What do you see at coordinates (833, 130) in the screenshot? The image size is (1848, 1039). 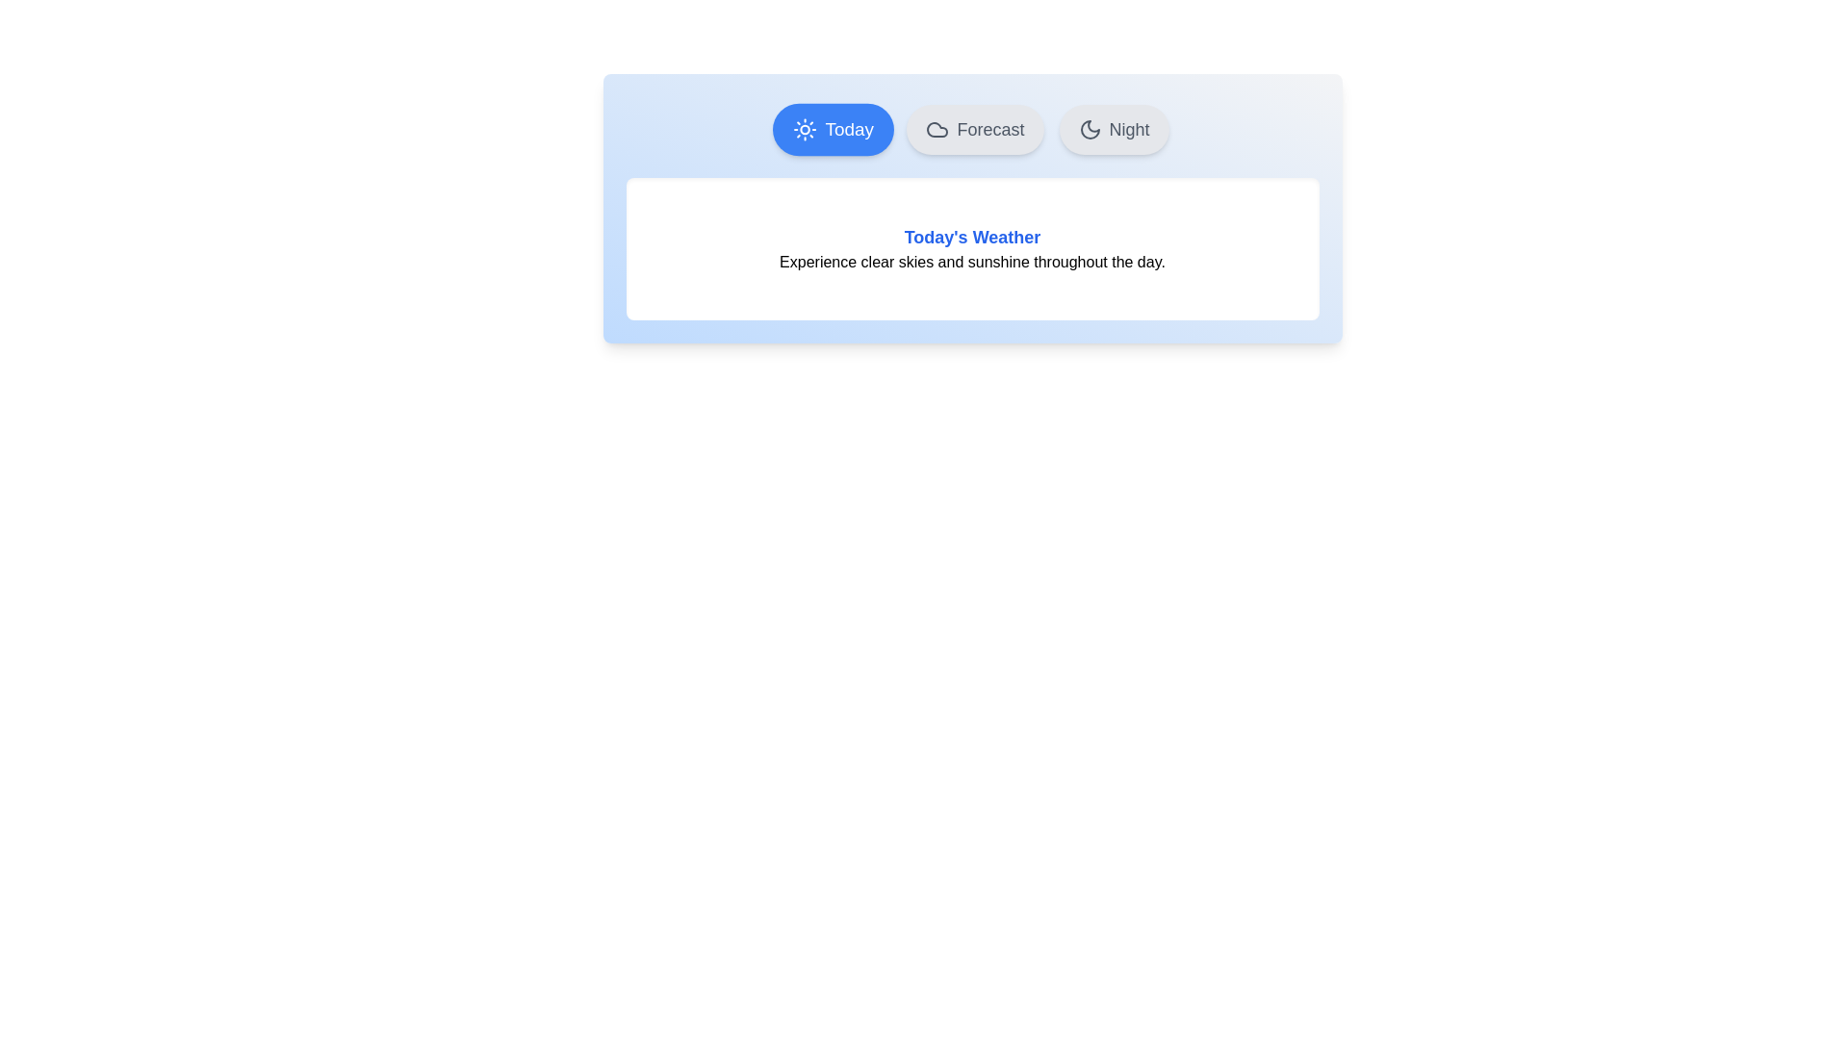 I see `the Today tab to view its content` at bounding box center [833, 130].